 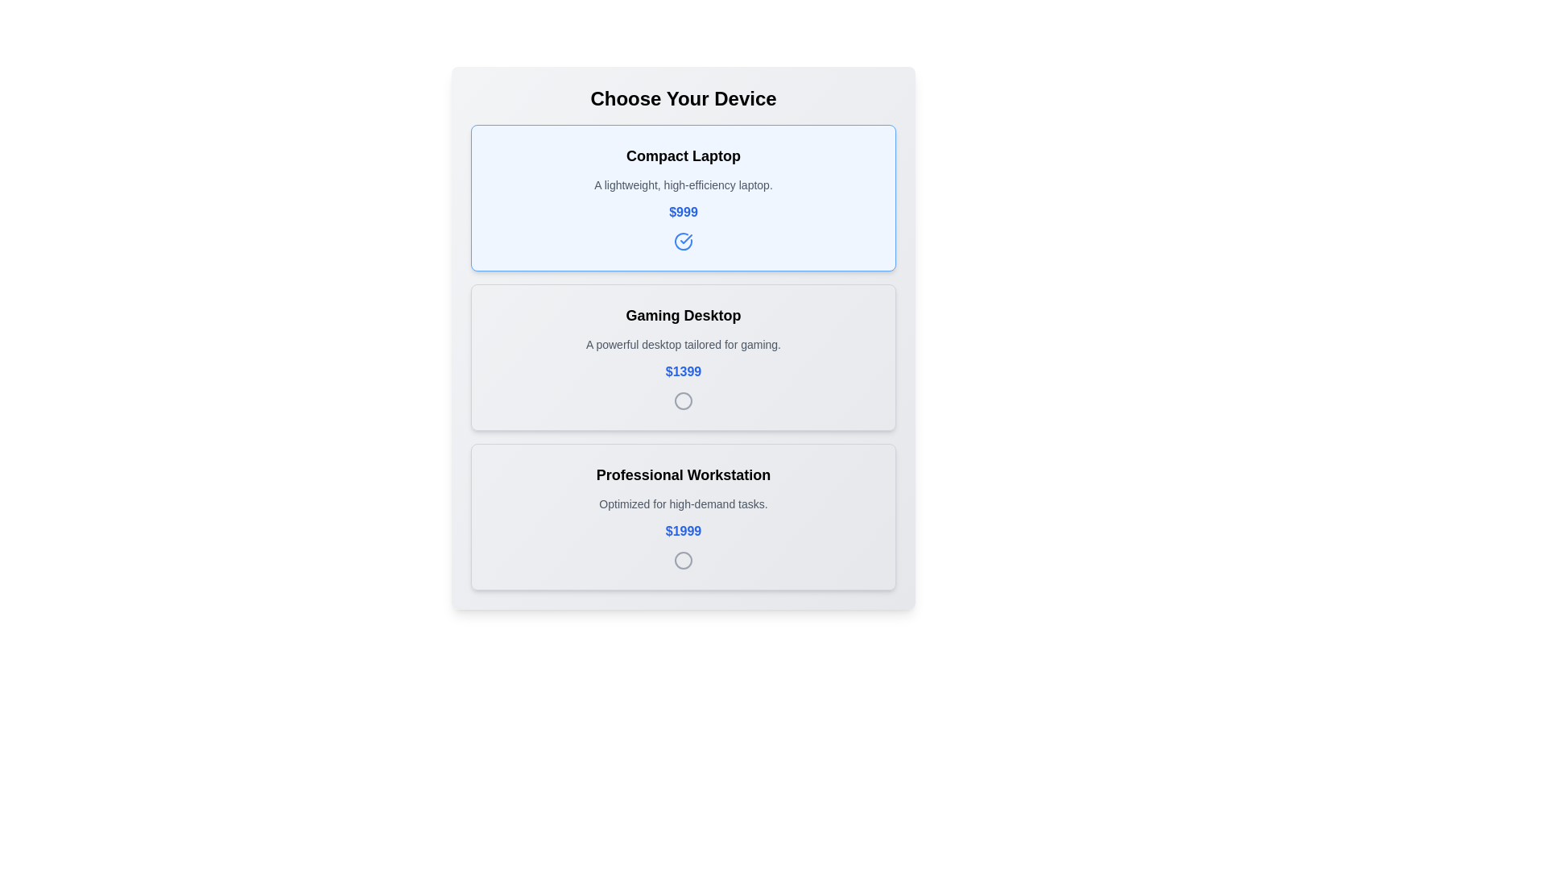 I want to click on the graphical icon that indicates selection or confirmation for the 'Compact Laptop' option, located directly below the '$999' price text, so click(x=684, y=242).